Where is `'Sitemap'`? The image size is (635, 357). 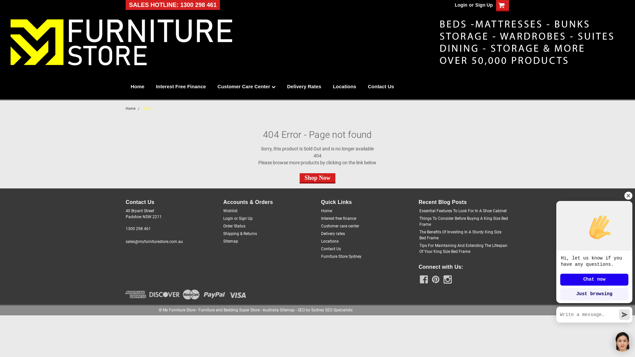
'Sitemap' is located at coordinates (279, 310).